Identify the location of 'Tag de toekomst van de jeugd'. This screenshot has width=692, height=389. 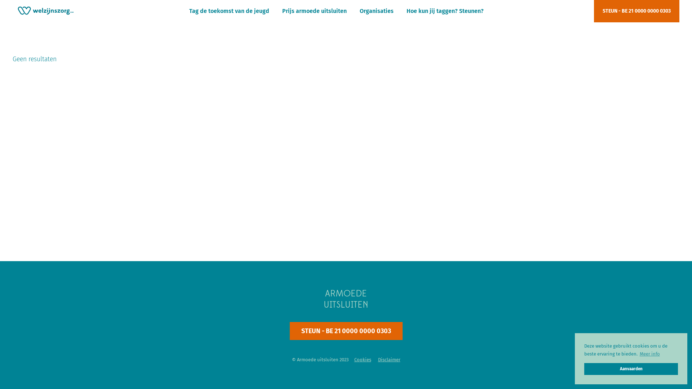
(229, 11).